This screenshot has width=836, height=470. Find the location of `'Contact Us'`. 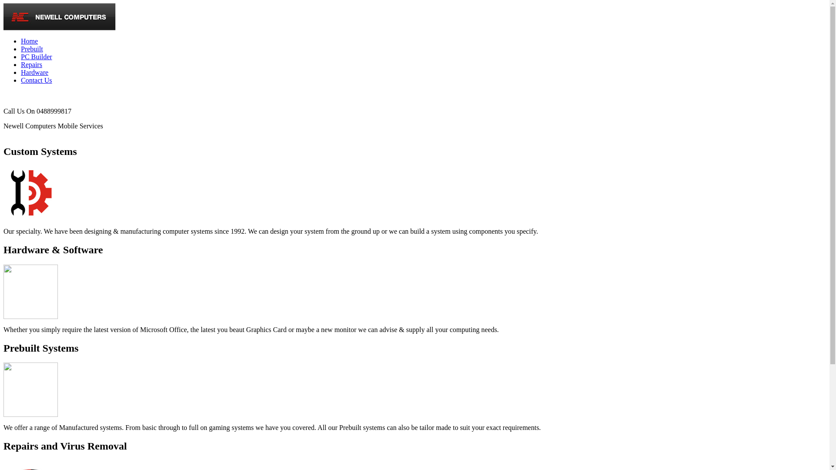

'Contact Us' is located at coordinates (21, 80).